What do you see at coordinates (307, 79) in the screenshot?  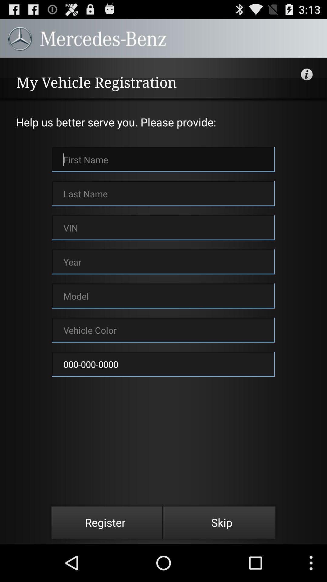 I see `the info icon` at bounding box center [307, 79].